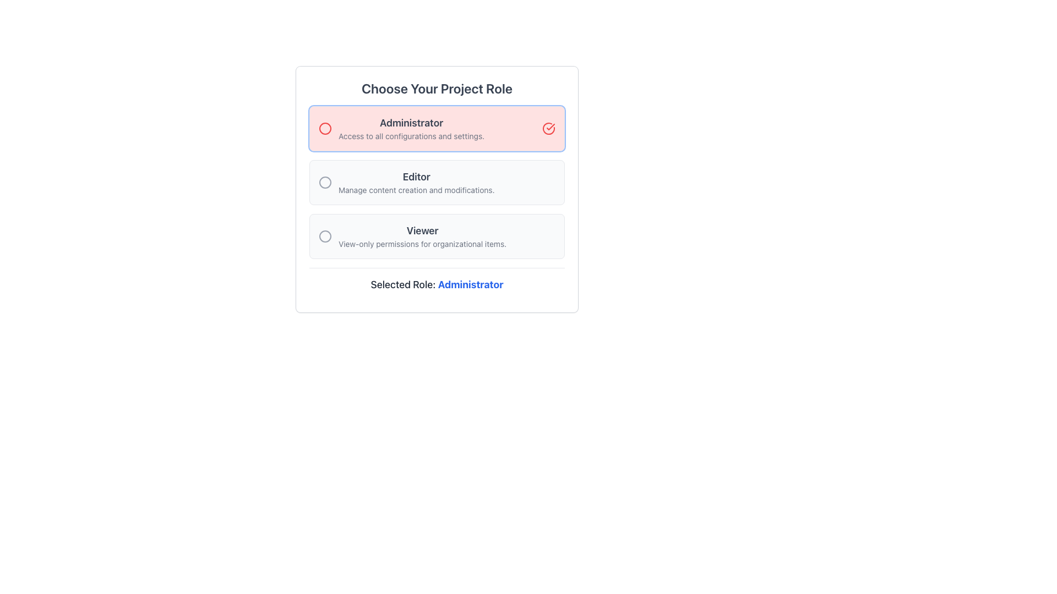 The width and height of the screenshot is (1057, 594). What do you see at coordinates (436, 182) in the screenshot?
I see `the 'Editor' role radio button, which is the second option in the role selection group, located below the 'Administrator' card and above the 'Viewer' card` at bounding box center [436, 182].